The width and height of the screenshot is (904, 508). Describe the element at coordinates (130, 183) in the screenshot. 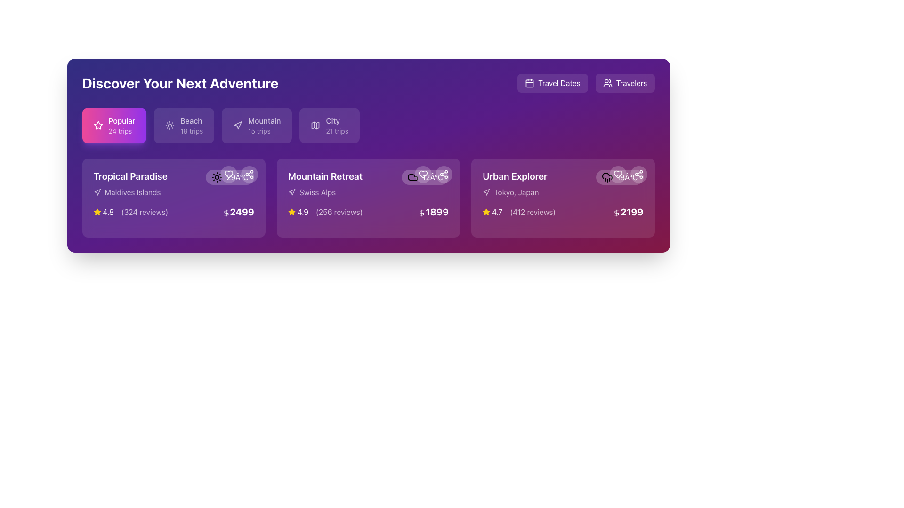

I see `the content of the 'Tropical Paradise' text information block with the accompanying location marker icon` at that location.